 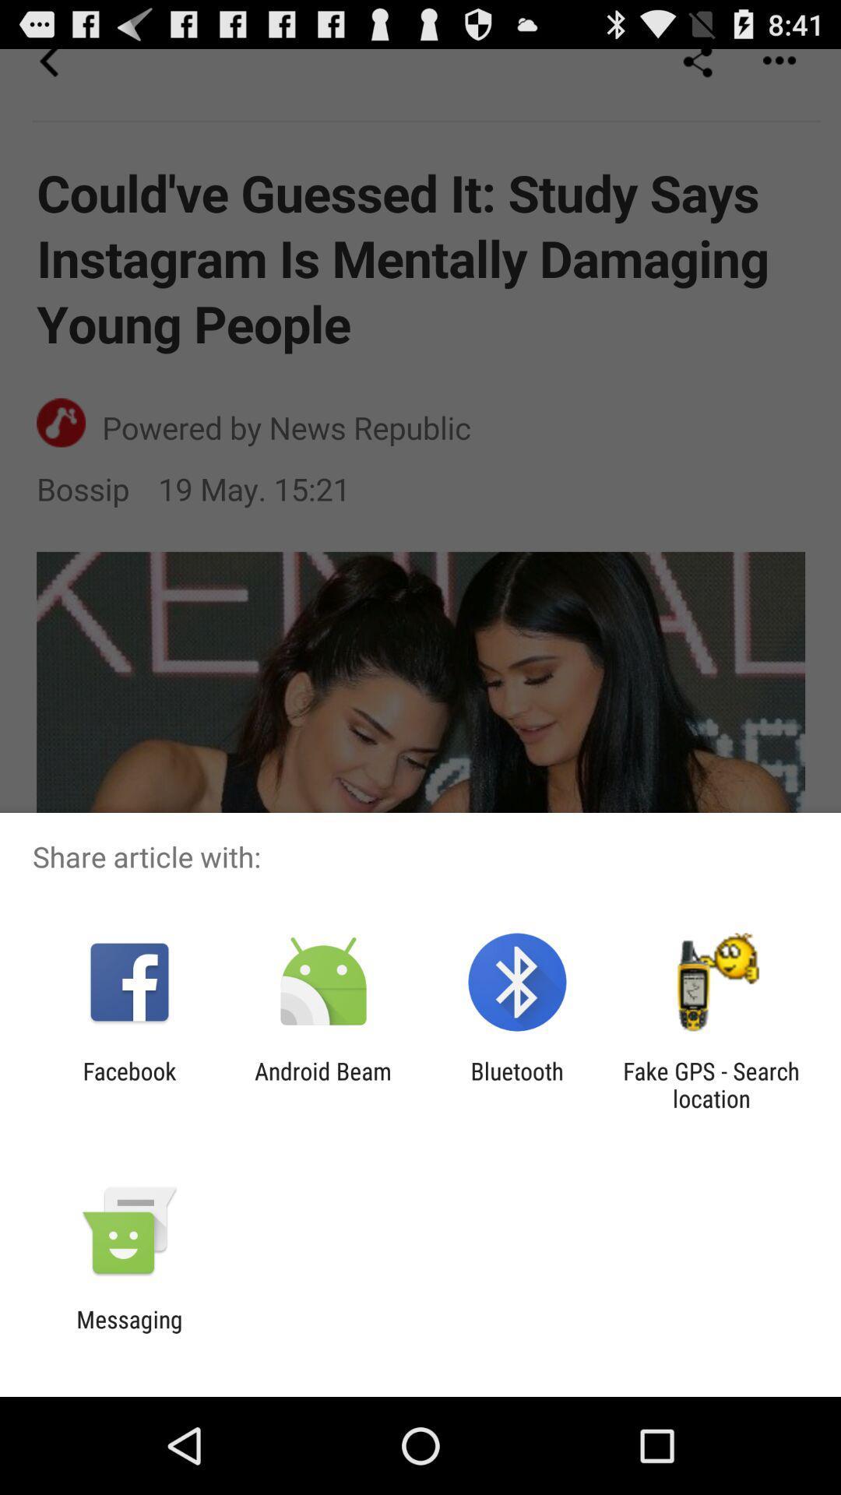 What do you see at coordinates (322, 1084) in the screenshot?
I see `the icon next to bluetooth app` at bounding box center [322, 1084].